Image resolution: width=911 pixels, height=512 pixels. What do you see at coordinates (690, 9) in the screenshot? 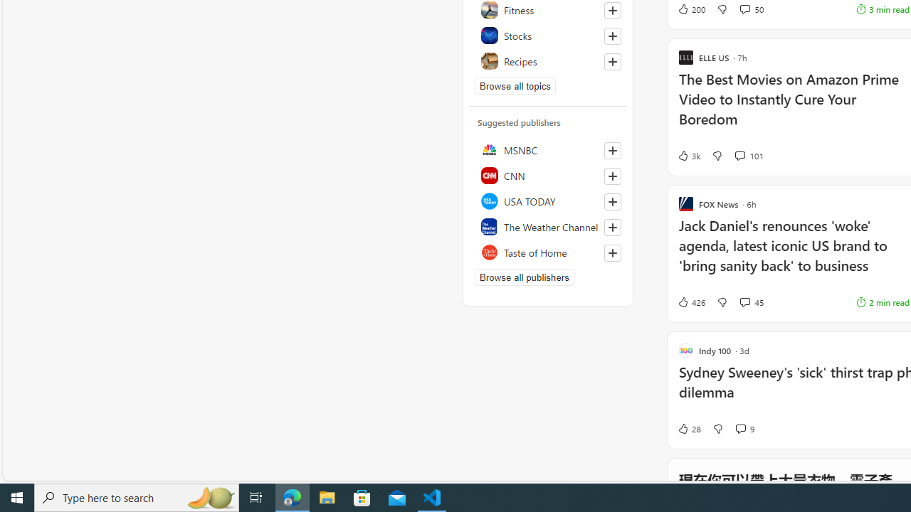
I see `'200 Like'` at bounding box center [690, 9].